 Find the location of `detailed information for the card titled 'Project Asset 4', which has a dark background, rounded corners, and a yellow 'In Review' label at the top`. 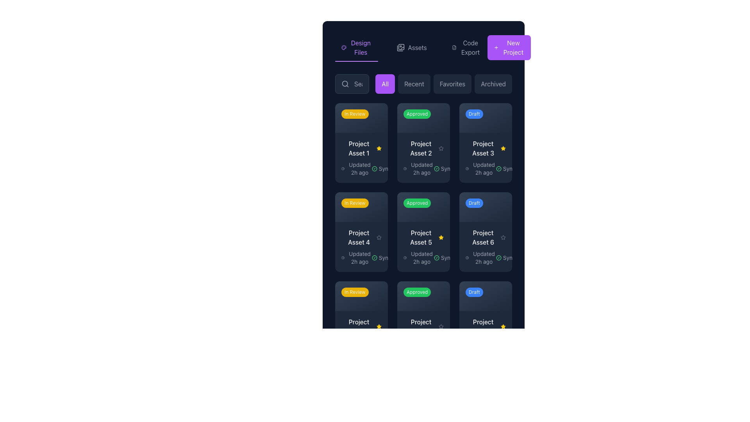

detailed information for the card titled 'Project Asset 4', which has a dark background, rounded corners, and a yellow 'In Review' label at the top is located at coordinates (361, 231).